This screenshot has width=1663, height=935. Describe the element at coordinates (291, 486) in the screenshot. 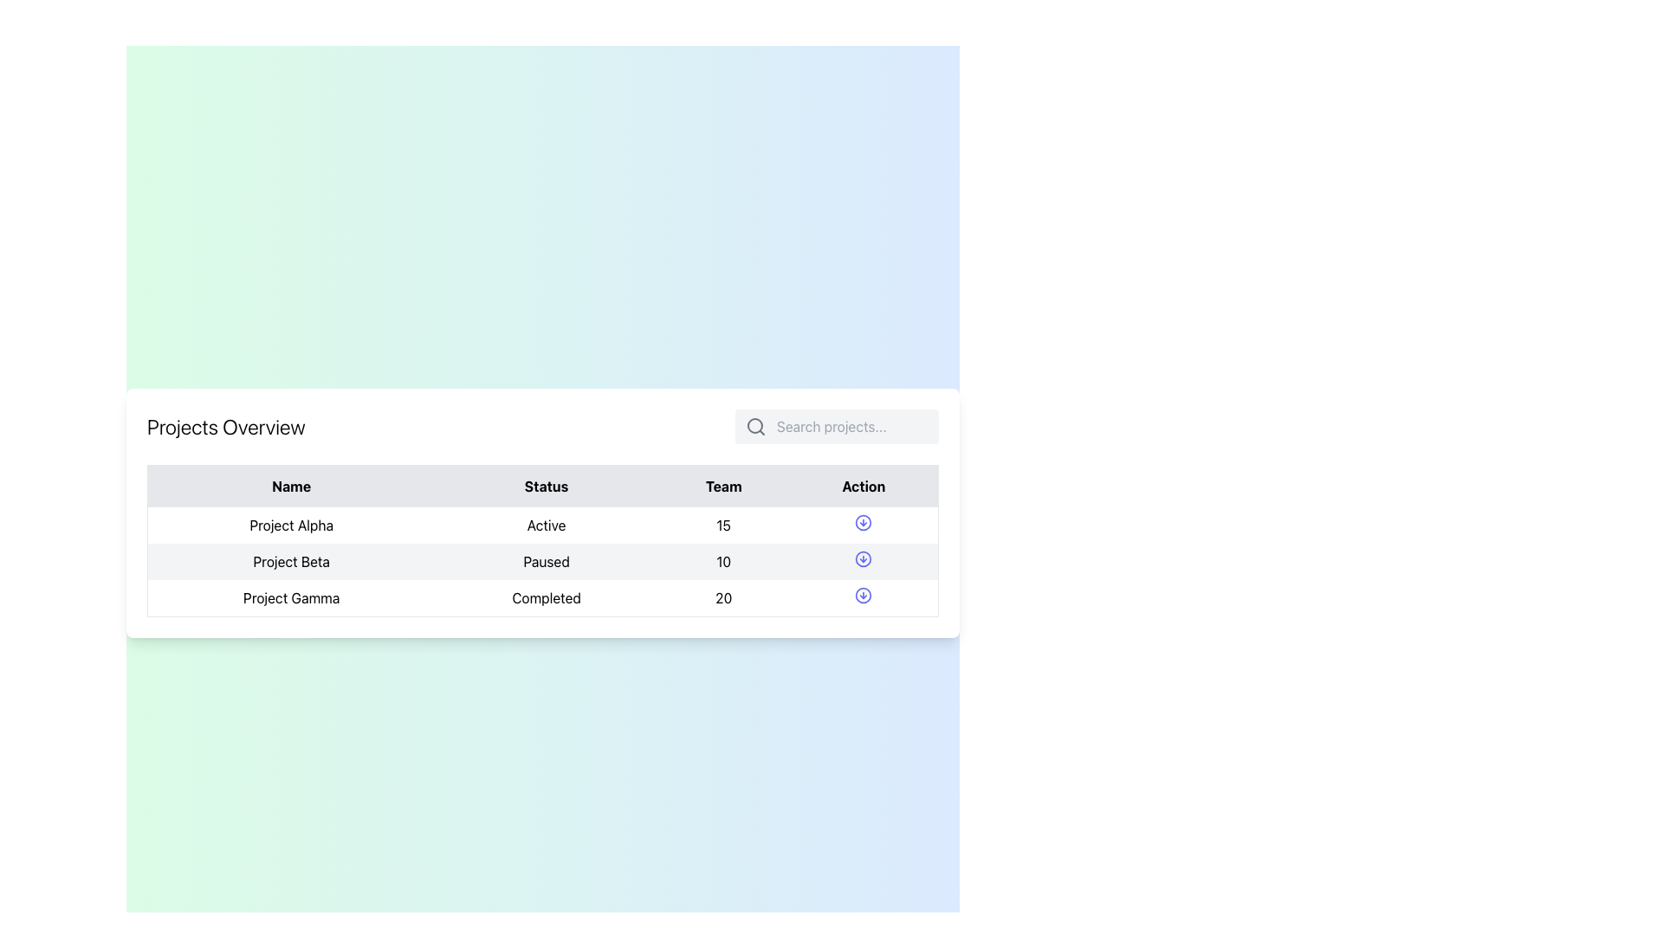

I see `the 'Name' text label, which is the first header in a table layout, displayed in bold black text on a light gray background` at that location.